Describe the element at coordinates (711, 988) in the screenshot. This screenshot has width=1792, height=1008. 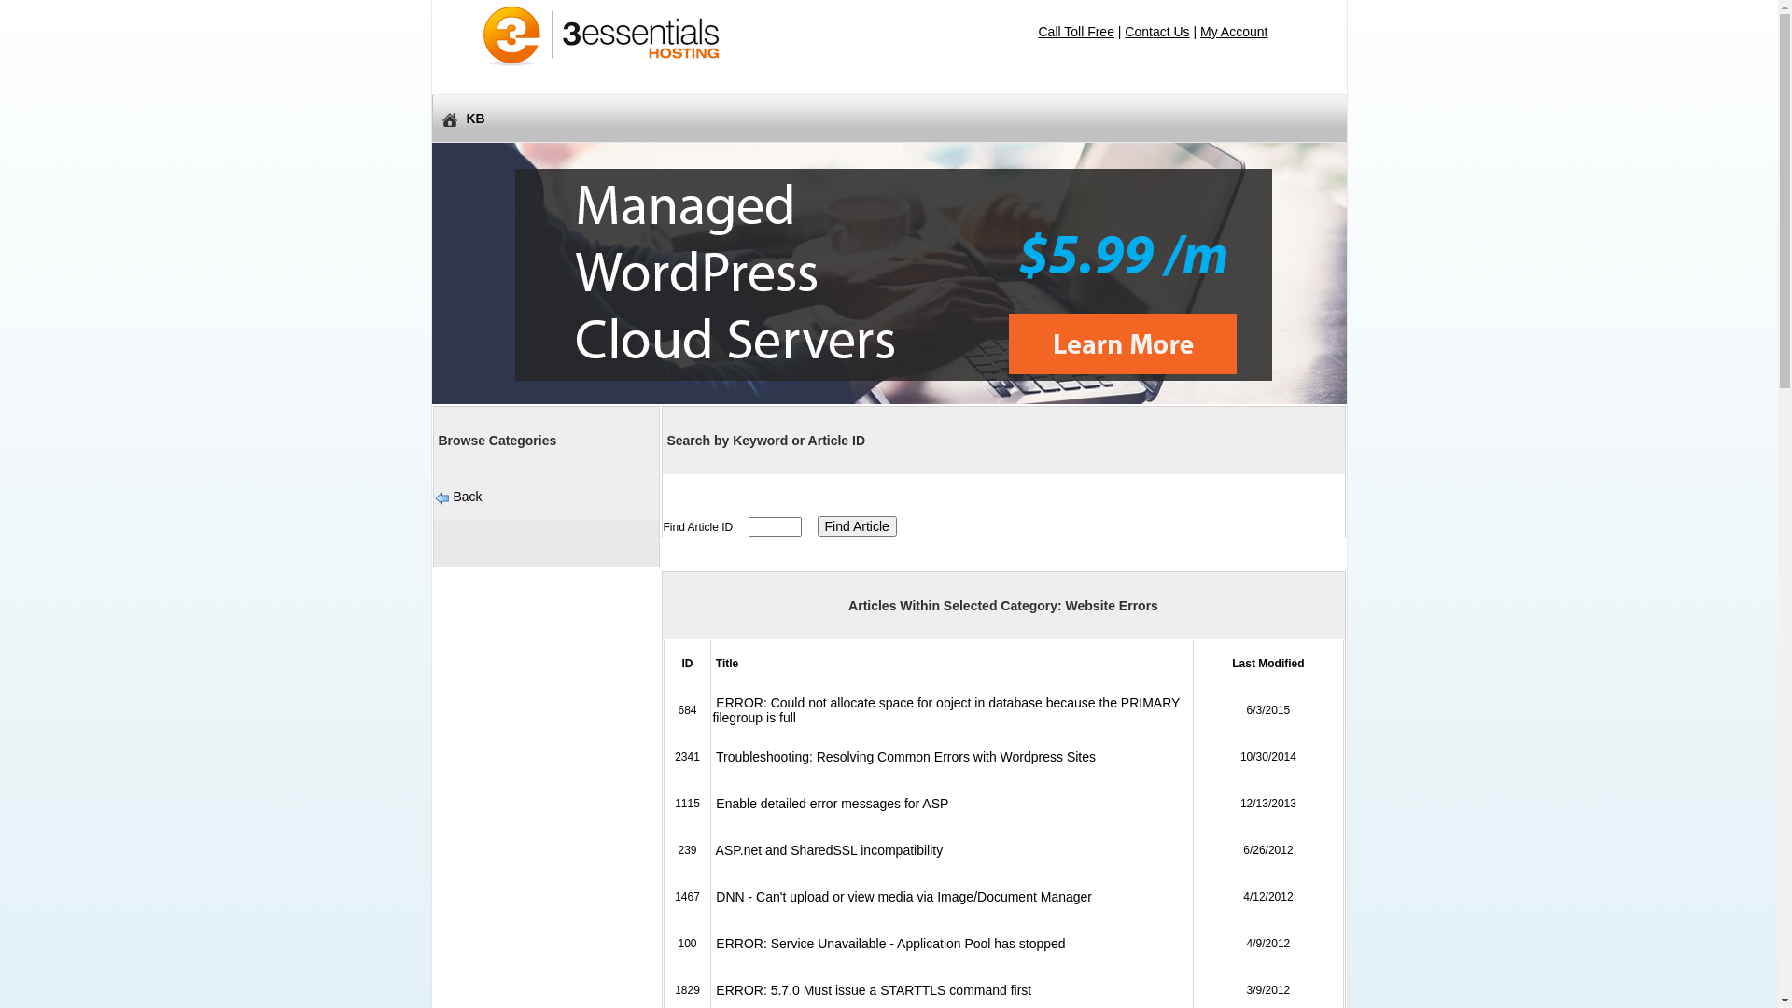
I see `' ERROR: 5.7.0 Must issue a STARTTLS command first'` at that location.